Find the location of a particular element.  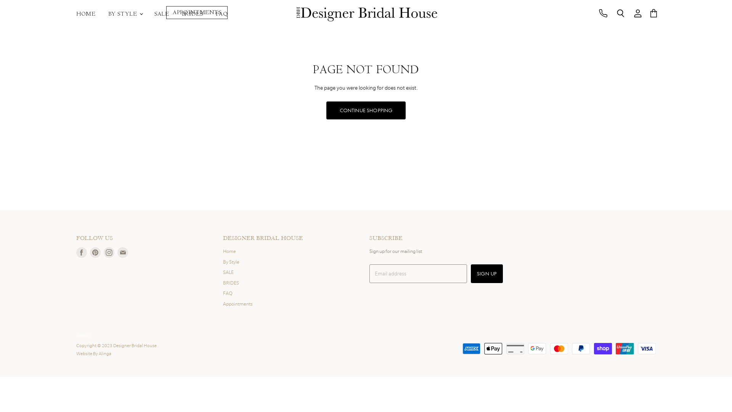

'Home' is located at coordinates (229, 251).